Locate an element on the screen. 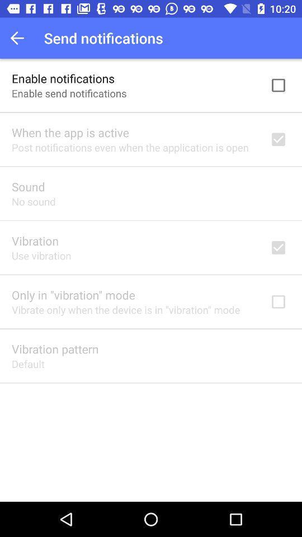  the app below the when the app app is located at coordinates (129, 147).